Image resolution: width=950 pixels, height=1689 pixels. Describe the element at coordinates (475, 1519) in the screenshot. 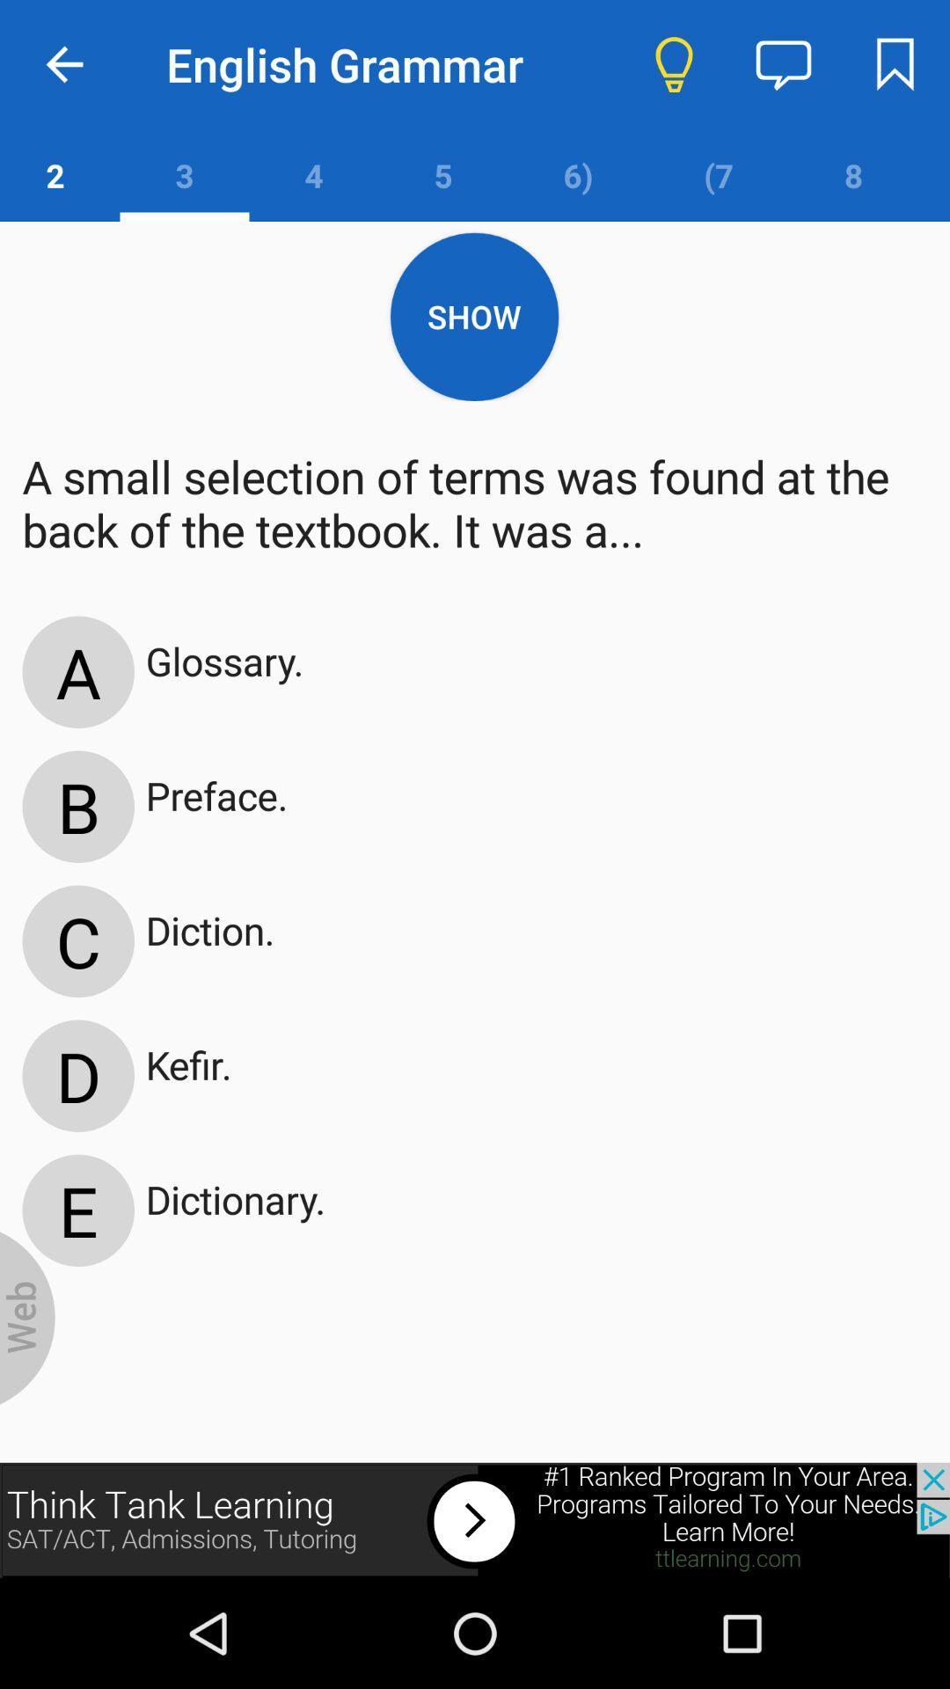

I see `advertisement` at that location.